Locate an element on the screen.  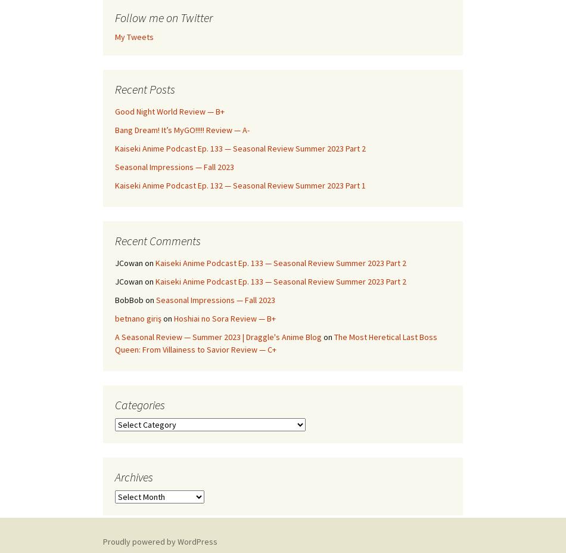
'Good Night World Review — B+' is located at coordinates (169, 111).